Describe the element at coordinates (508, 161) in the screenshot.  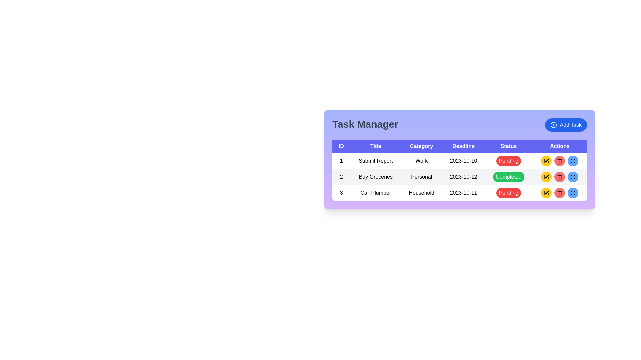
I see `the 'Pending' badge displayed in white on a red background, located in the 'Status' column of the top row of the table for the task titled 'Submit Report'` at that location.